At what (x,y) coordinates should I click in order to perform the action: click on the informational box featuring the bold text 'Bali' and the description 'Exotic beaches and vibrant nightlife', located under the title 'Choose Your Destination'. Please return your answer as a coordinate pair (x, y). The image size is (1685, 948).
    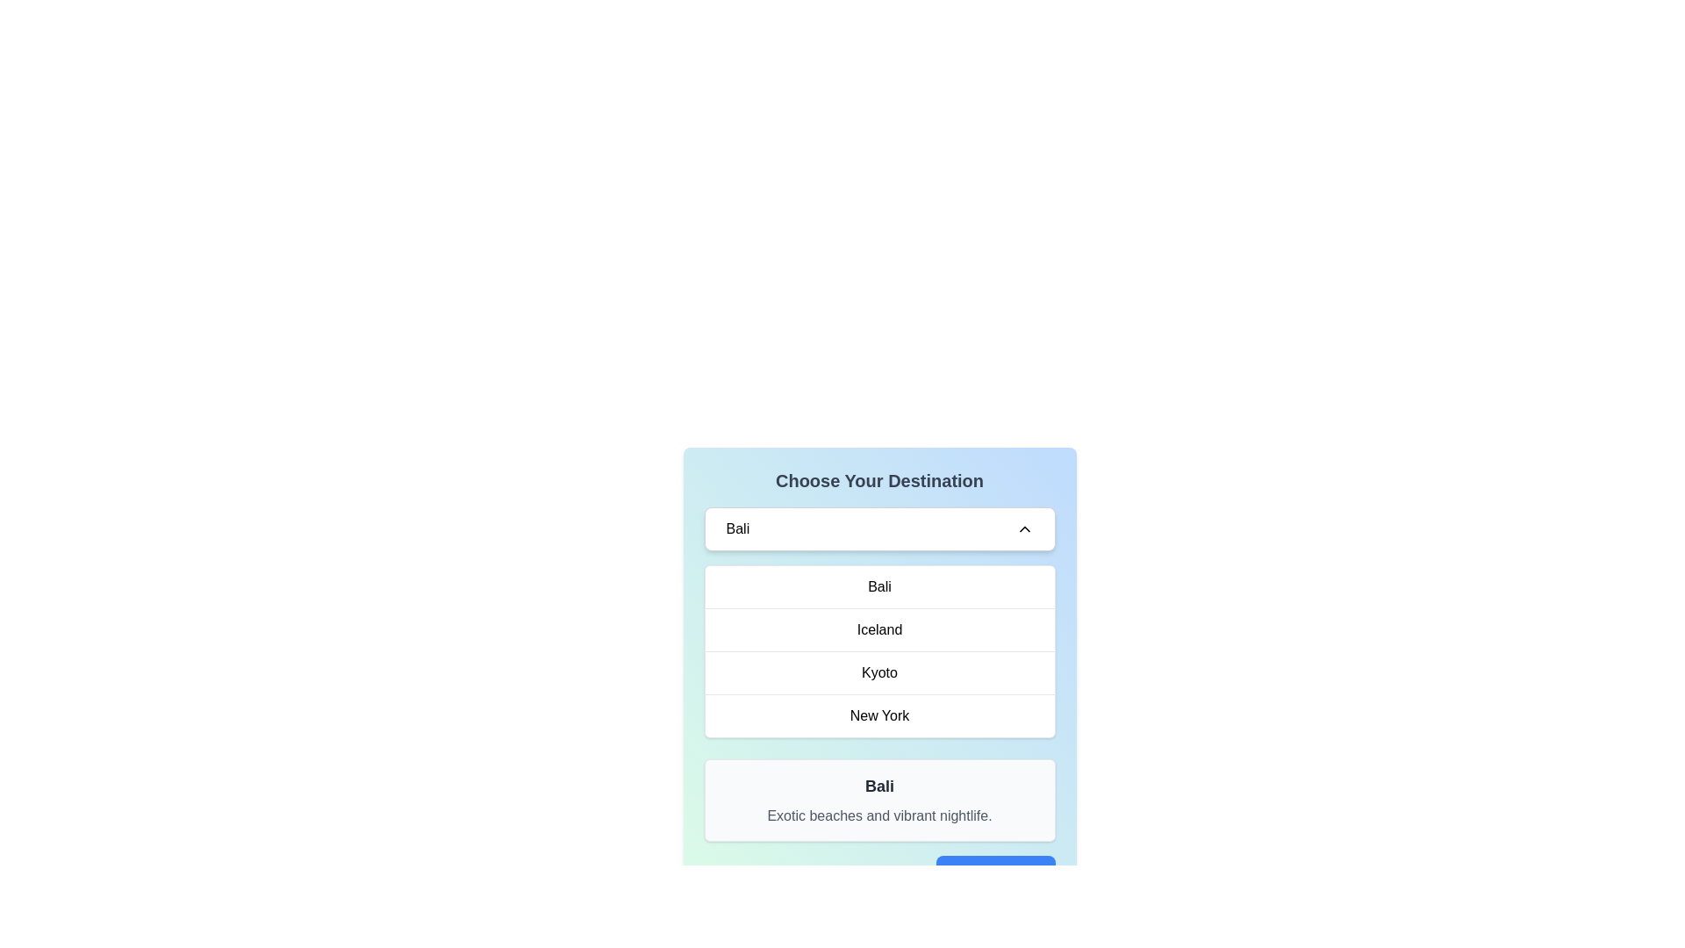
    Looking at the image, I should click on (879, 800).